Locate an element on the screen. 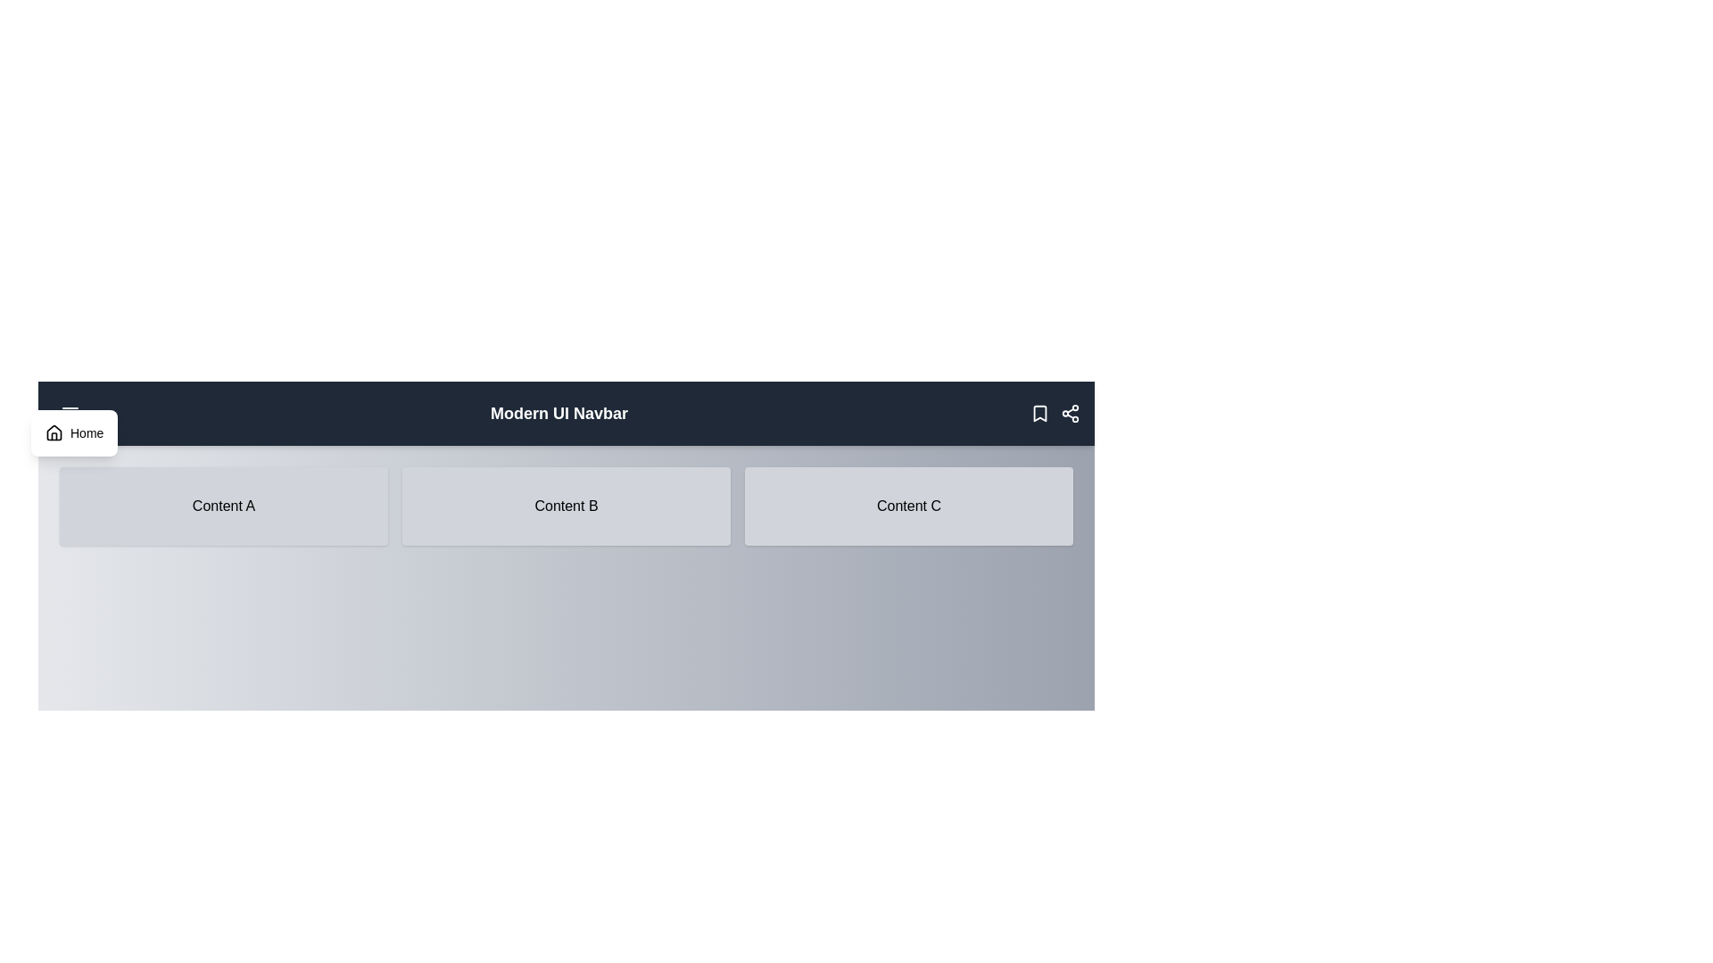 The width and height of the screenshot is (1713, 963). the 'Home' button in the dropdown menu is located at coordinates (73, 433).